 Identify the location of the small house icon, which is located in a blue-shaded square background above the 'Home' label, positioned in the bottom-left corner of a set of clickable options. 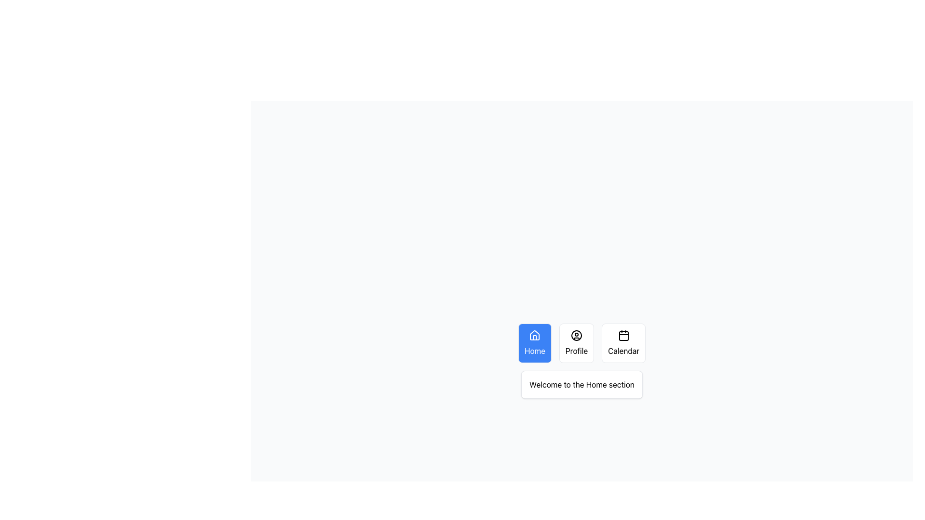
(534, 335).